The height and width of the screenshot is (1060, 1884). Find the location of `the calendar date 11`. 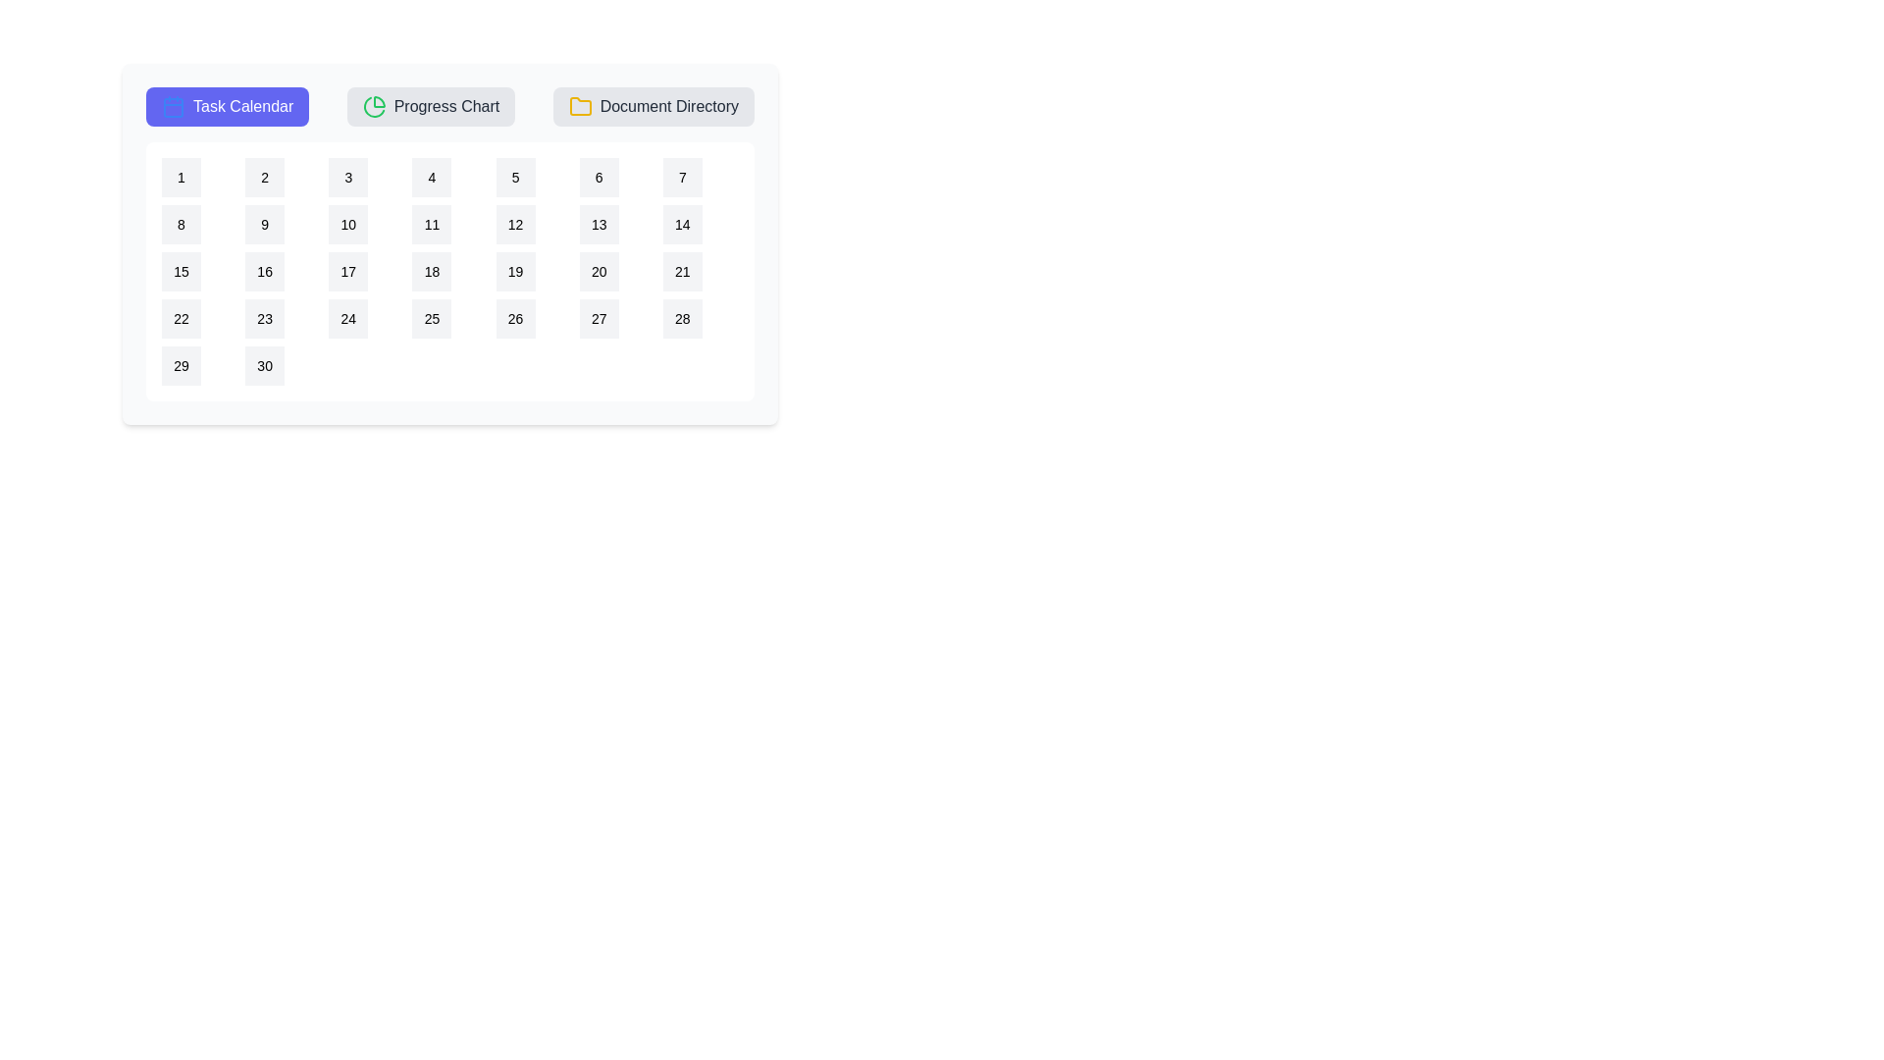

the calendar date 11 is located at coordinates (431, 223).